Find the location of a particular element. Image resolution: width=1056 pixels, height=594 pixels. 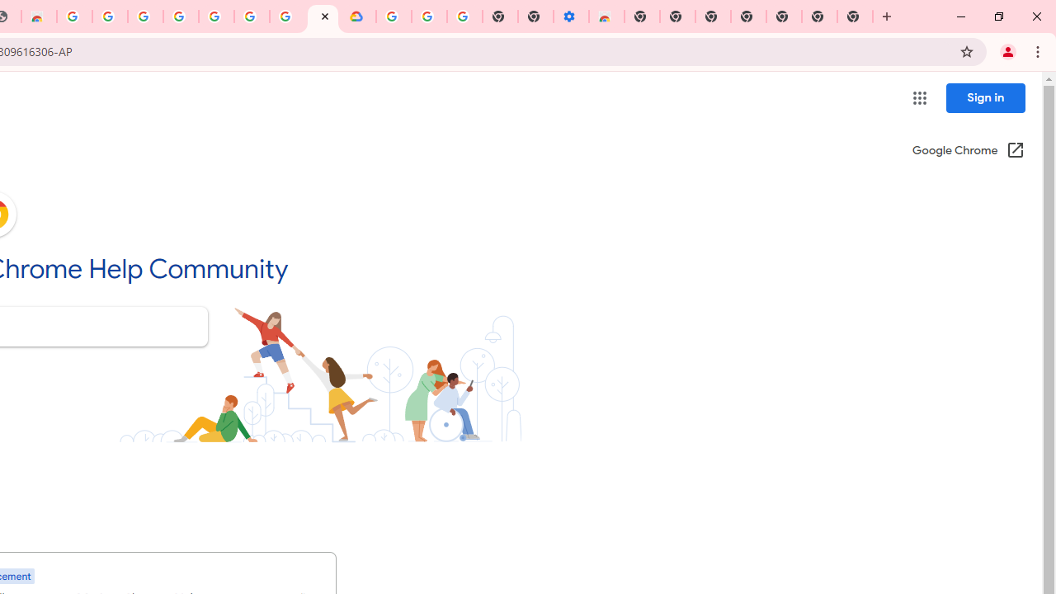

'Ad Settings' is located at coordinates (145, 16).